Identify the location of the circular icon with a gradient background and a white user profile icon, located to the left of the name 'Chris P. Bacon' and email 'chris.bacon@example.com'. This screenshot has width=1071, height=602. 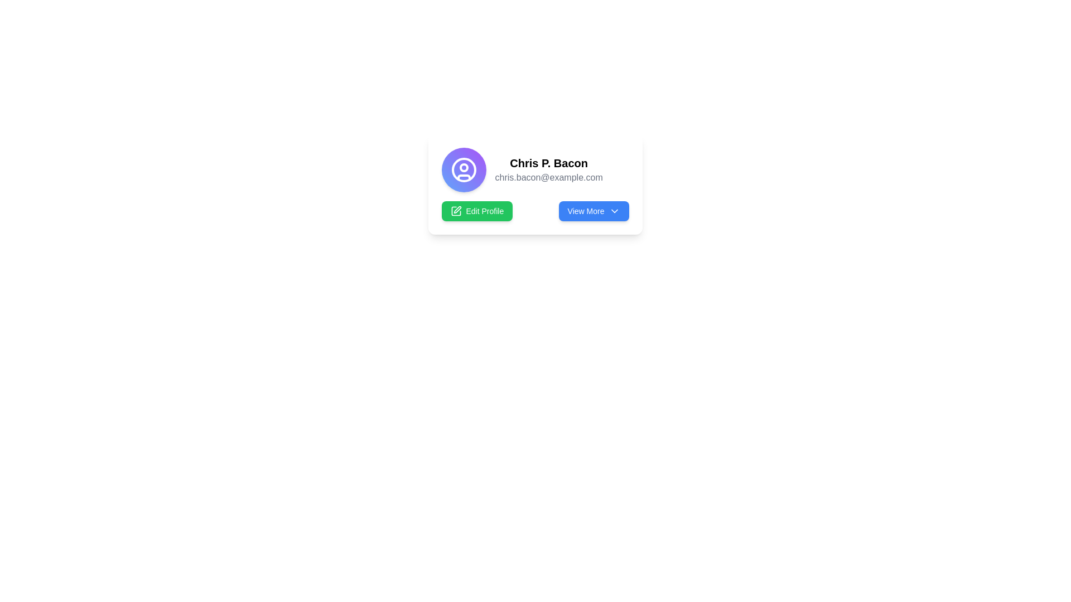
(464, 169).